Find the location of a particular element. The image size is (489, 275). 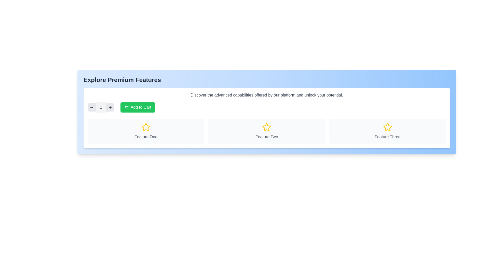

the increment button located on the right side of the control group that modifies the displayed numeric value is located at coordinates (110, 107).